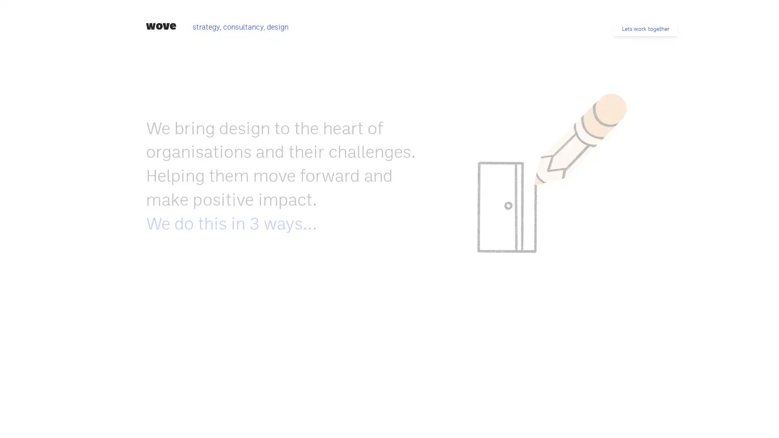  I want to click on Lets work together, so click(645, 28).